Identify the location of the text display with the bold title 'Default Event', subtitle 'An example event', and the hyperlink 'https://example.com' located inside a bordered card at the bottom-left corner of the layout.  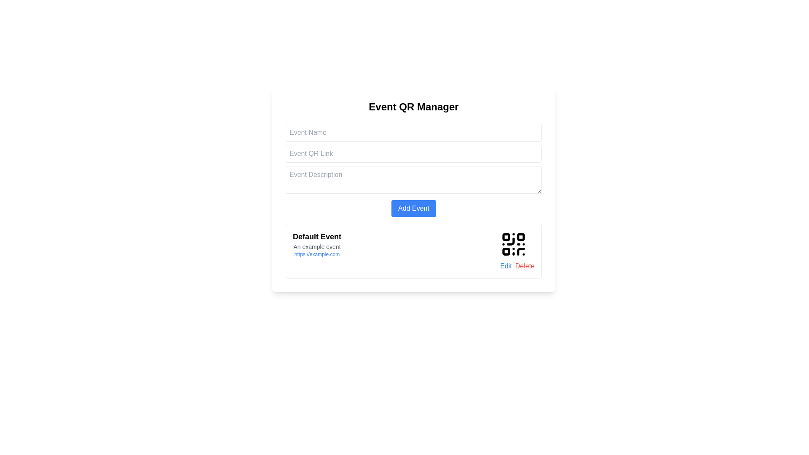
(316, 251).